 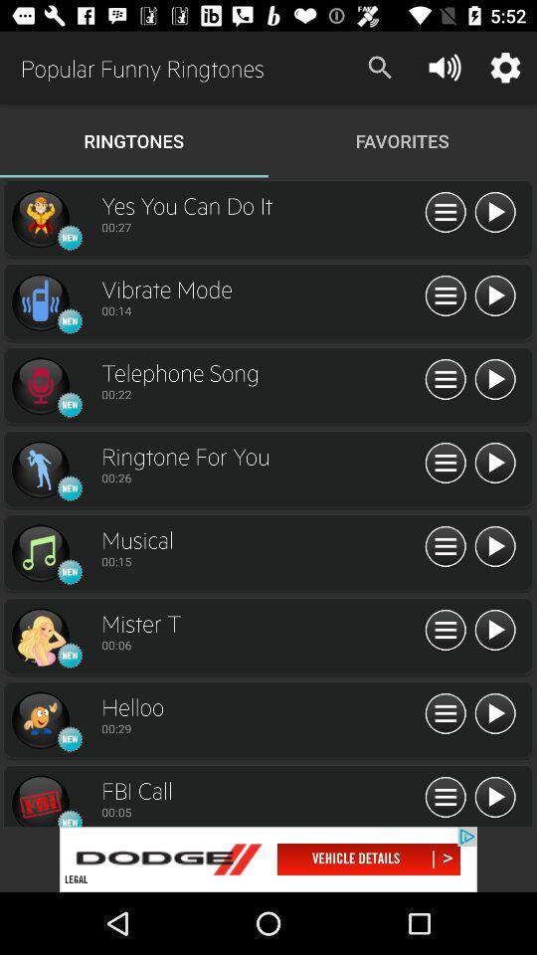 What do you see at coordinates (493, 295) in the screenshot?
I see `ringtone` at bounding box center [493, 295].